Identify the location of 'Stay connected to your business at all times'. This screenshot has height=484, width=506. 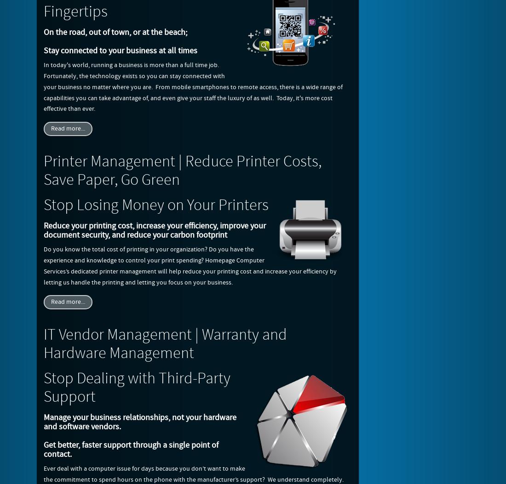
(121, 51).